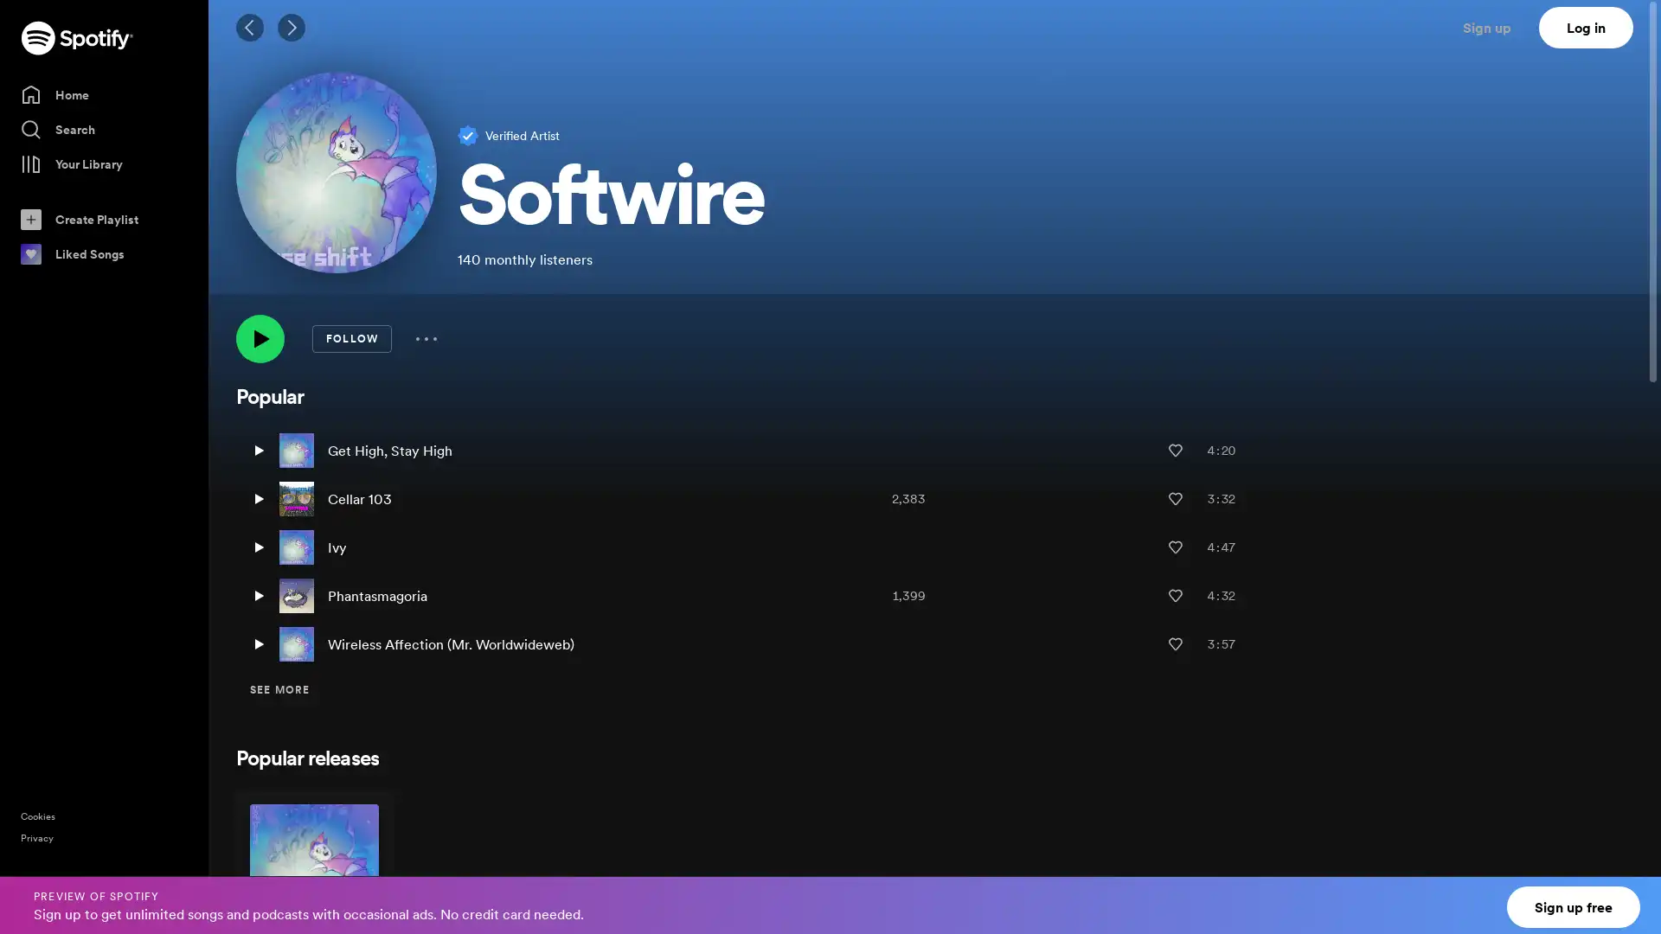 The height and width of the screenshot is (934, 1661). What do you see at coordinates (1586, 27) in the screenshot?
I see `Log in` at bounding box center [1586, 27].